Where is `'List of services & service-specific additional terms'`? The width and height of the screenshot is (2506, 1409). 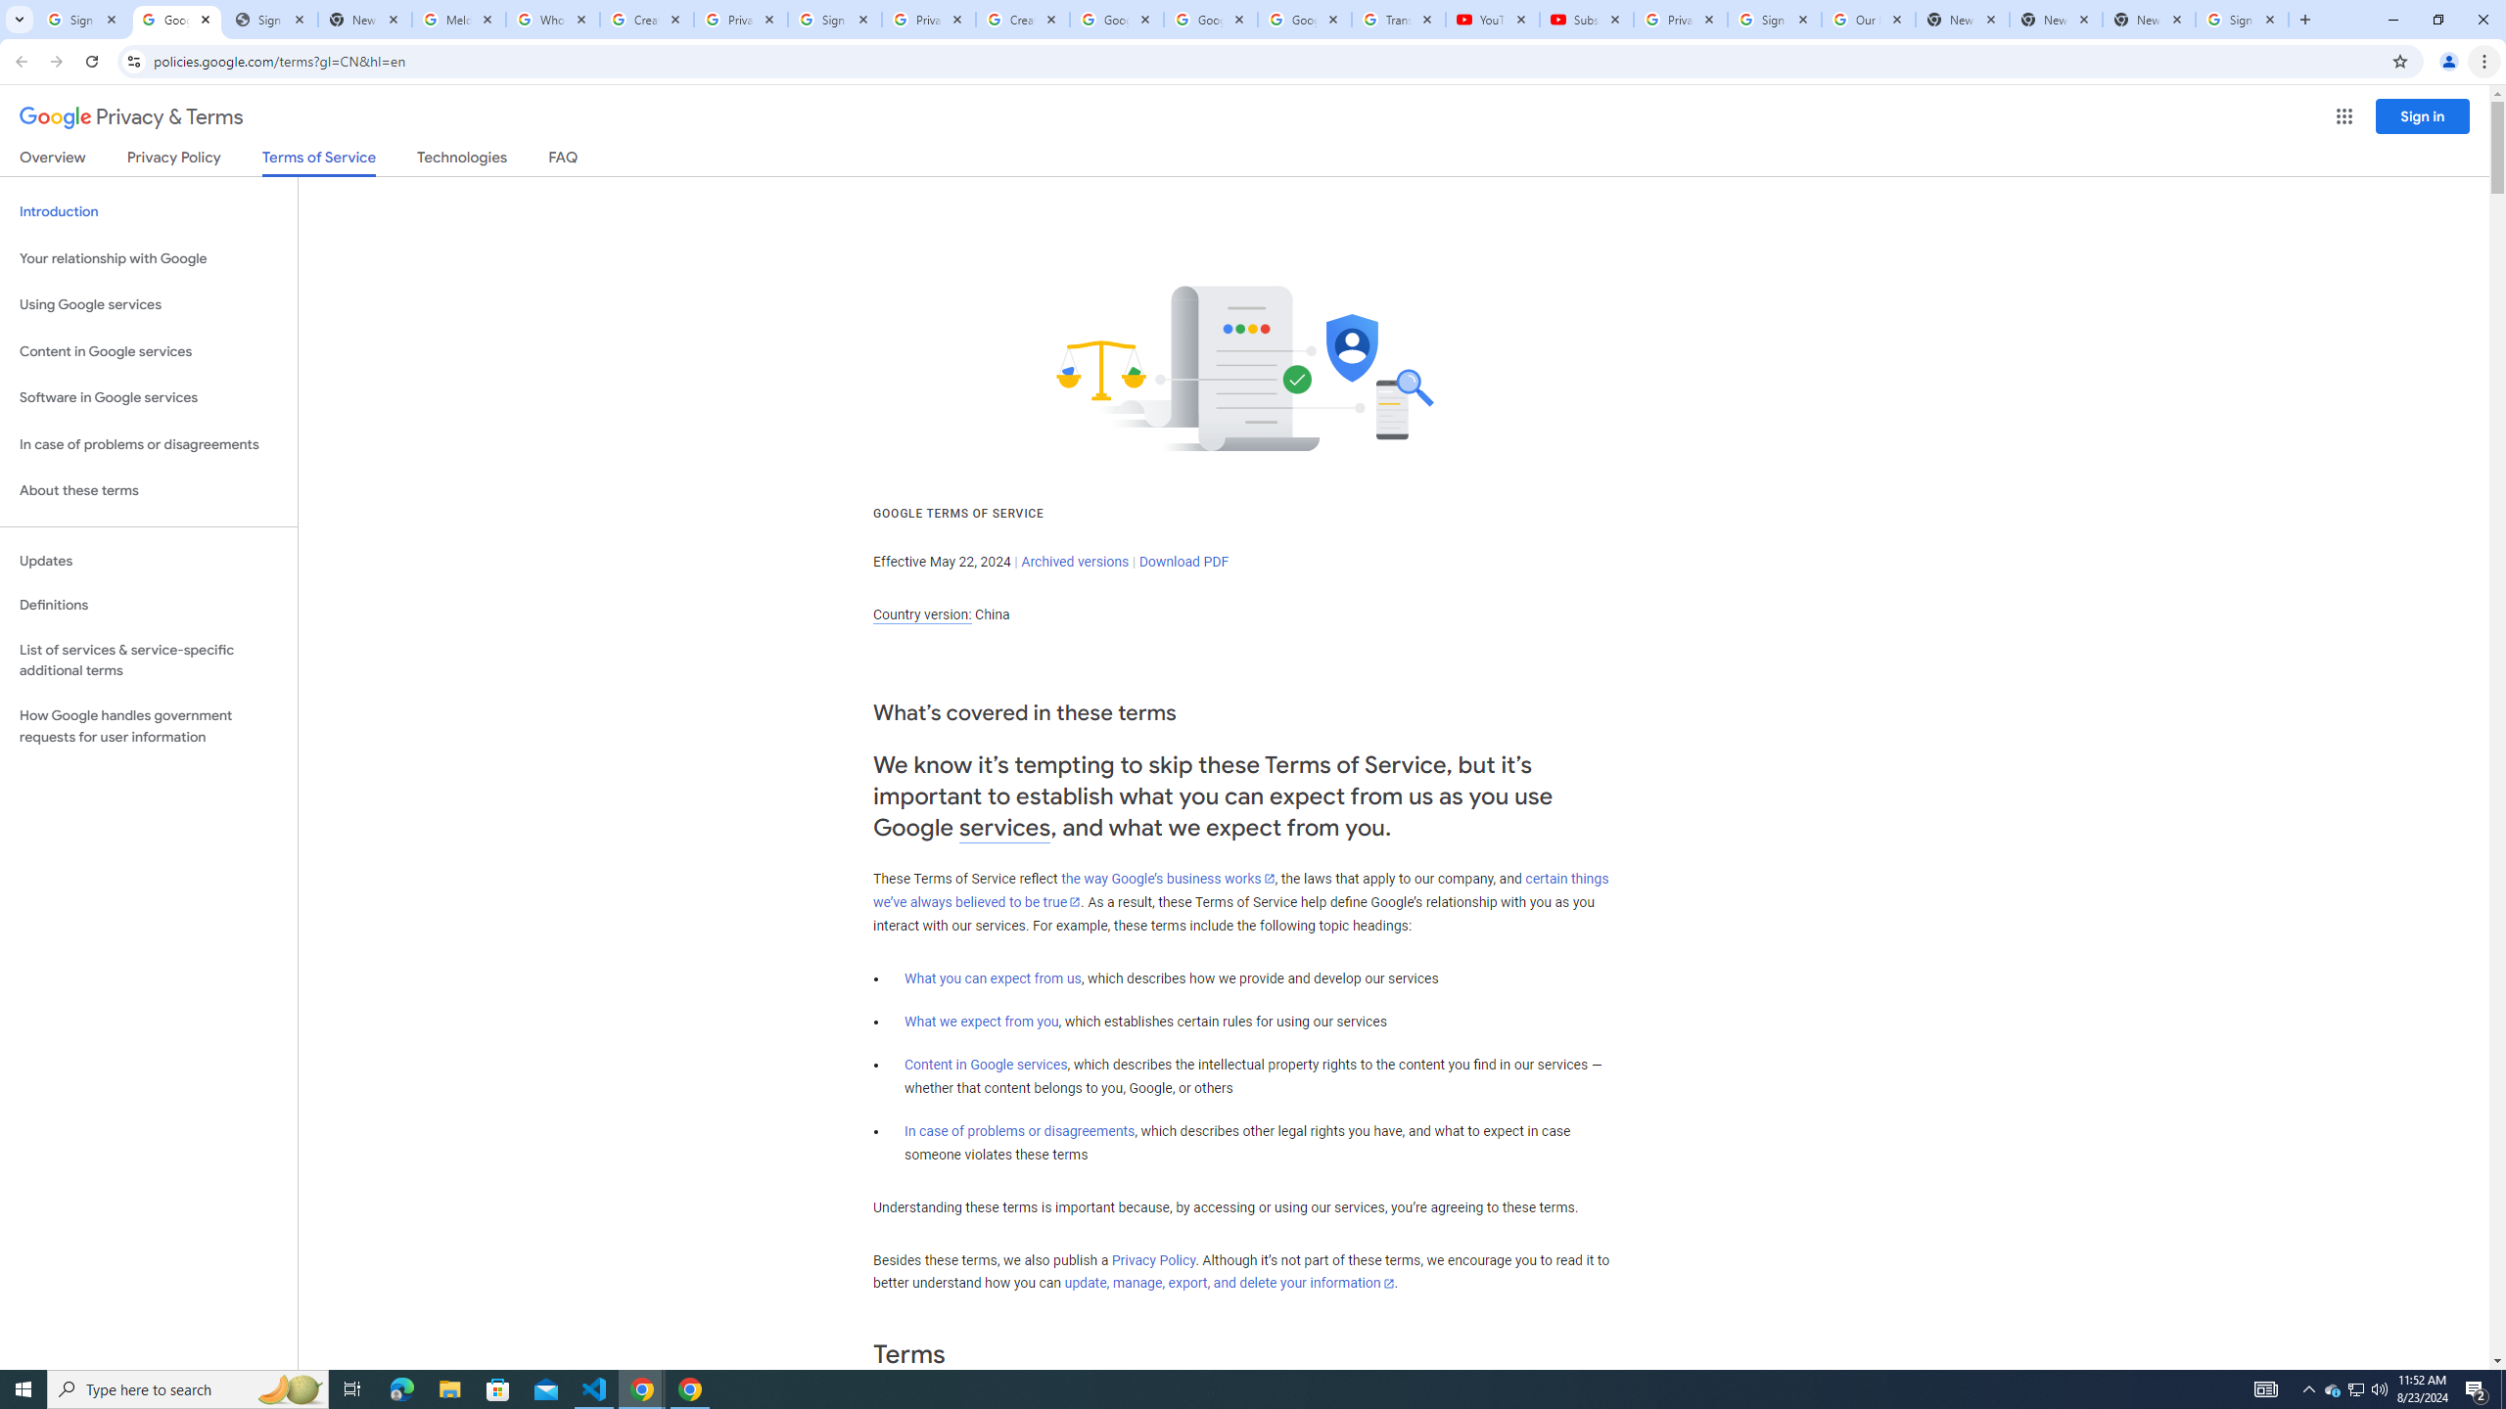
'List of services & service-specific additional terms' is located at coordinates (148, 659).